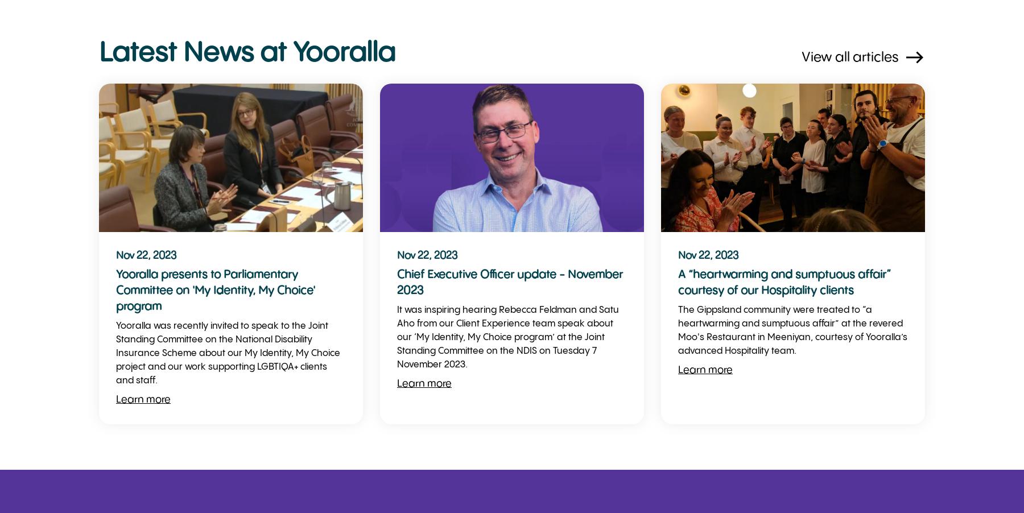 The image size is (1024, 513). I want to click on 'Yooralla was recently invited to speak to the Joint Standing Committee on the National Disability Insurance Scheme about our My Identity, My Choice project and our work supporting LGBTIQA+ clients and staff.', so click(228, 353).